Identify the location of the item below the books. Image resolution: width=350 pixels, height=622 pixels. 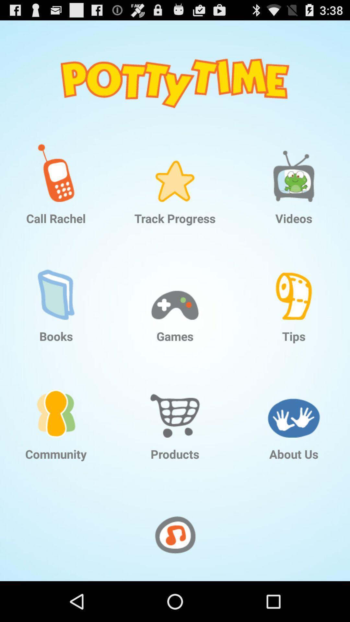
(56, 403).